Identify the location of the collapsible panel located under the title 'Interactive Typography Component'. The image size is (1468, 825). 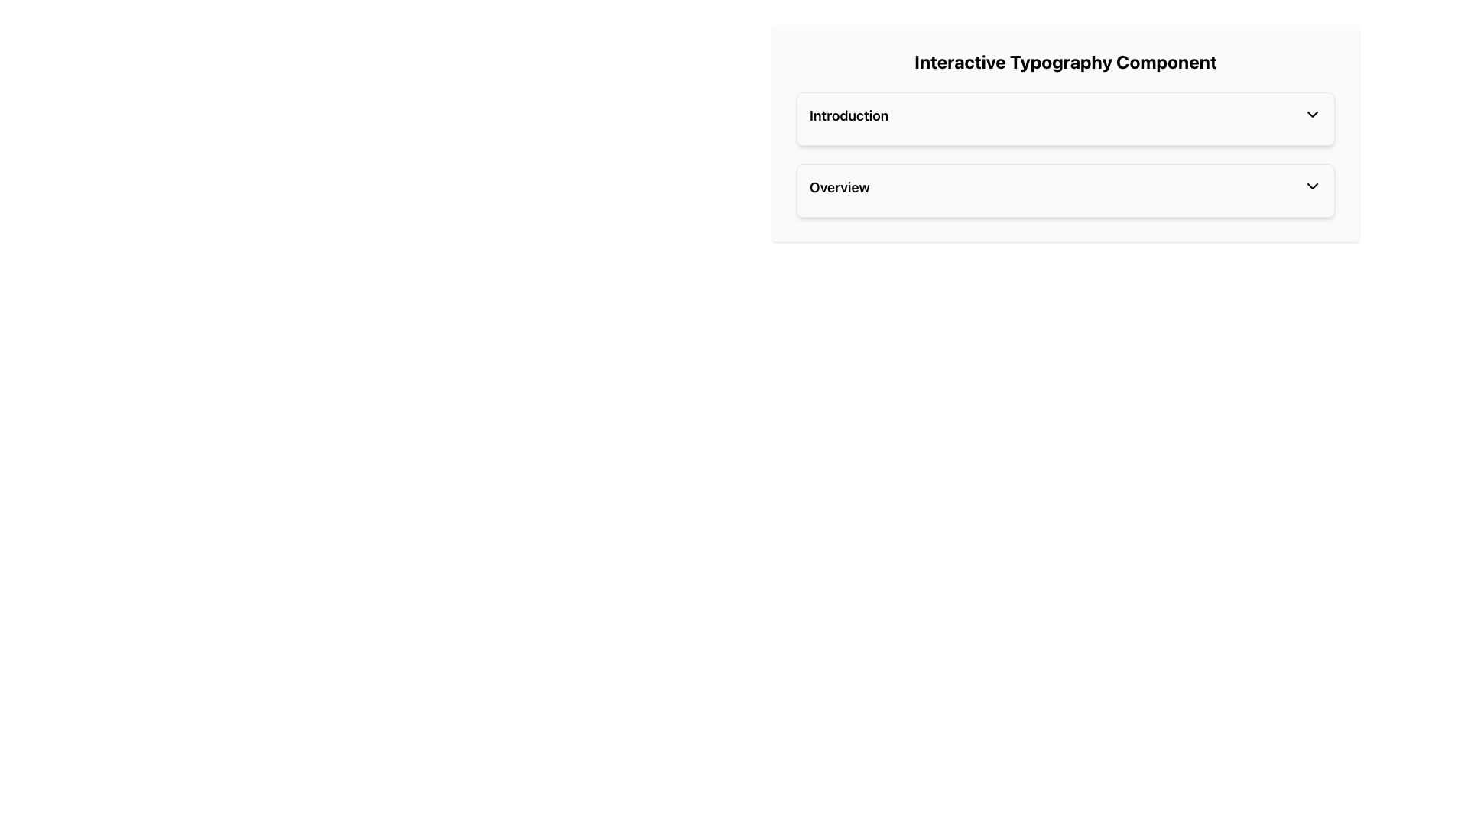
(1064, 132).